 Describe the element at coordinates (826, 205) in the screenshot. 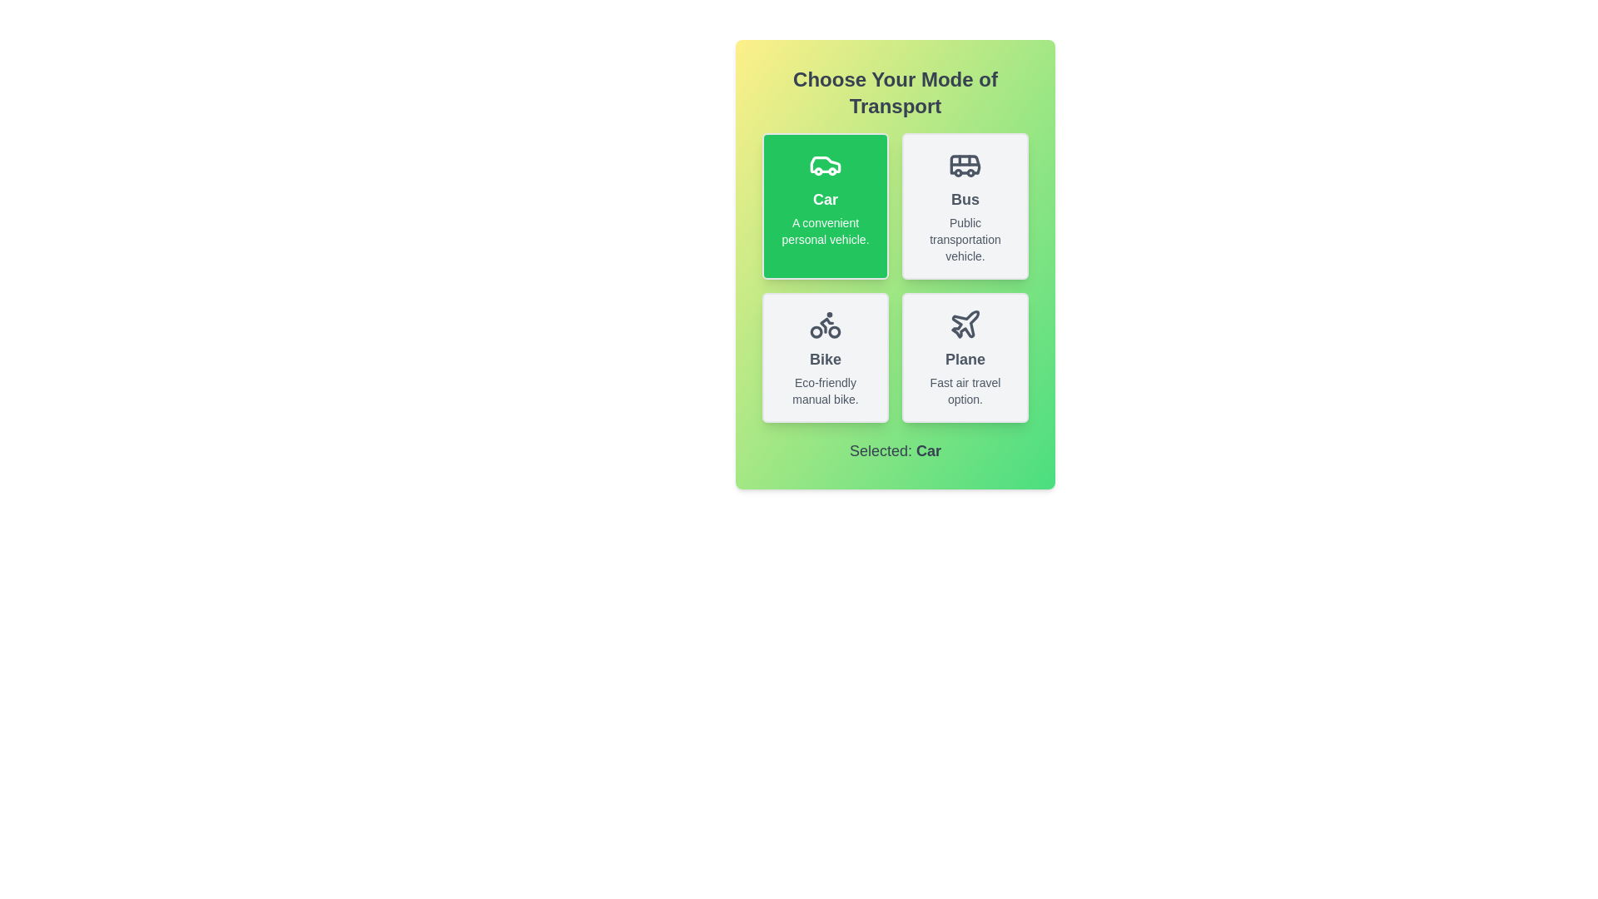

I see `the button for Car to view its hover effect` at that location.